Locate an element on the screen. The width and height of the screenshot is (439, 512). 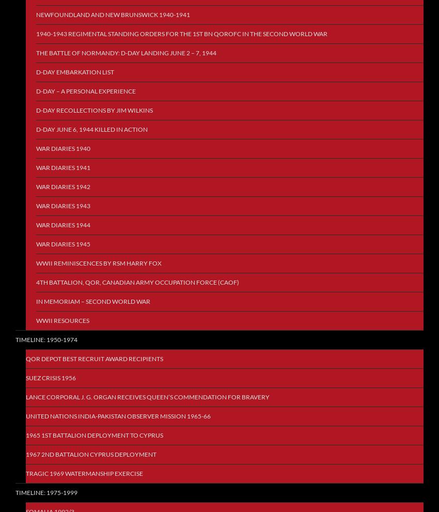
'United Nations India-Pakistan Observer Mission 1965-66' is located at coordinates (118, 416).